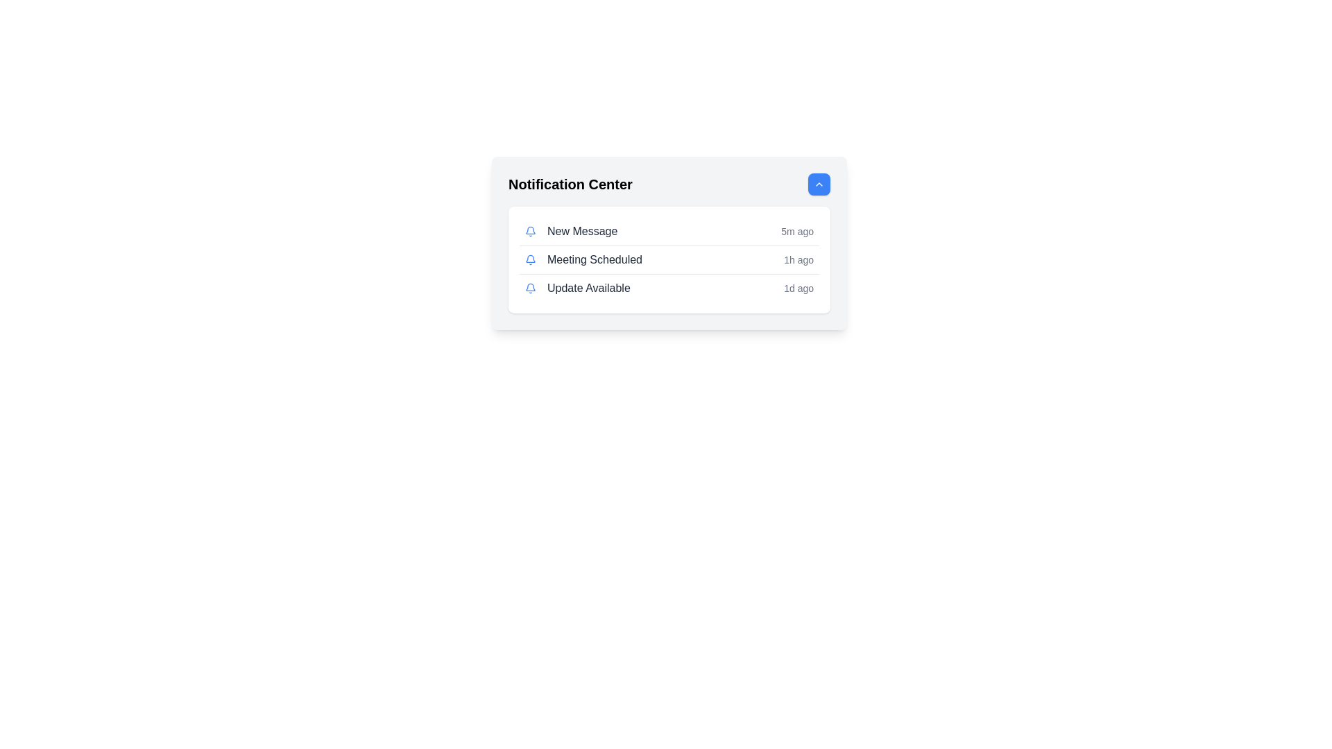 The height and width of the screenshot is (749, 1332). Describe the element at coordinates (529, 231) in the screenshot. I see `the bell icon with a blue outline located to the left of the 'New Message' text in the notification list` at that location.